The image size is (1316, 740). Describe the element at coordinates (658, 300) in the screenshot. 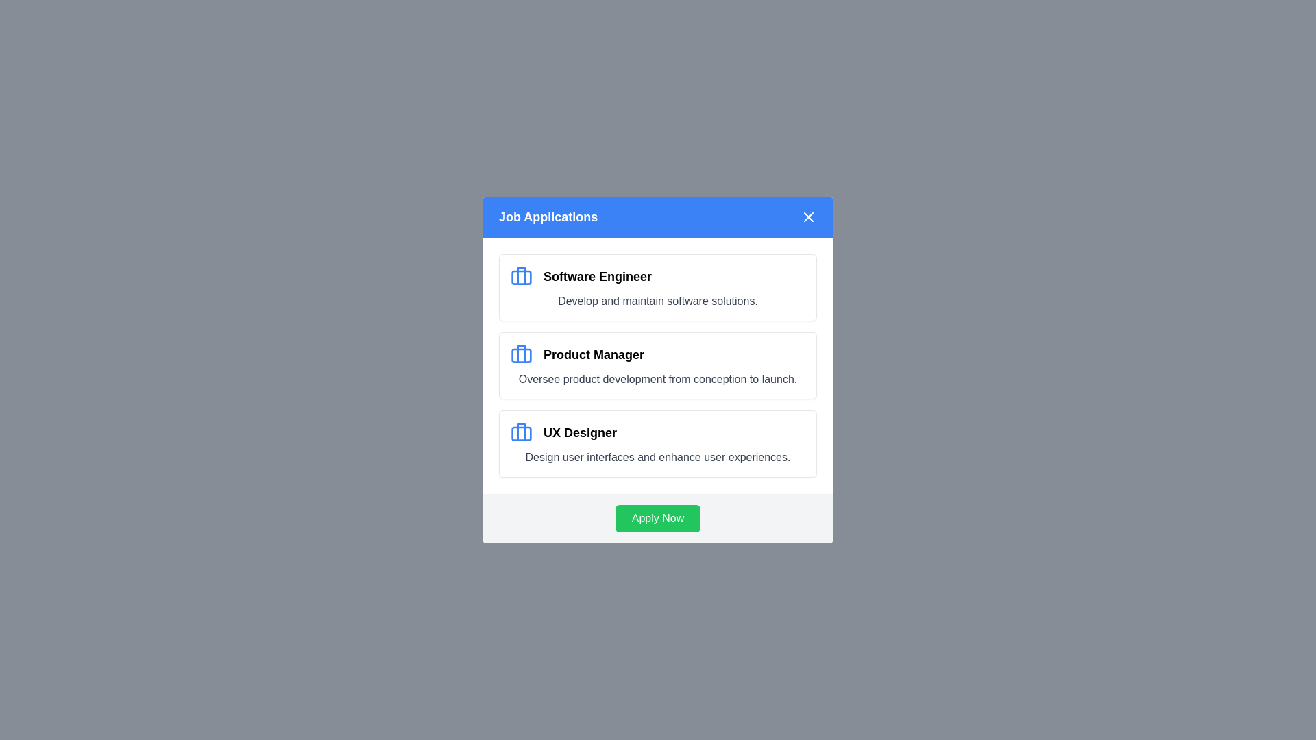

I see `the text label that reads 'Develop and maintain software solutions.' which is located beneath the 'Software Engineer' title` at that location.